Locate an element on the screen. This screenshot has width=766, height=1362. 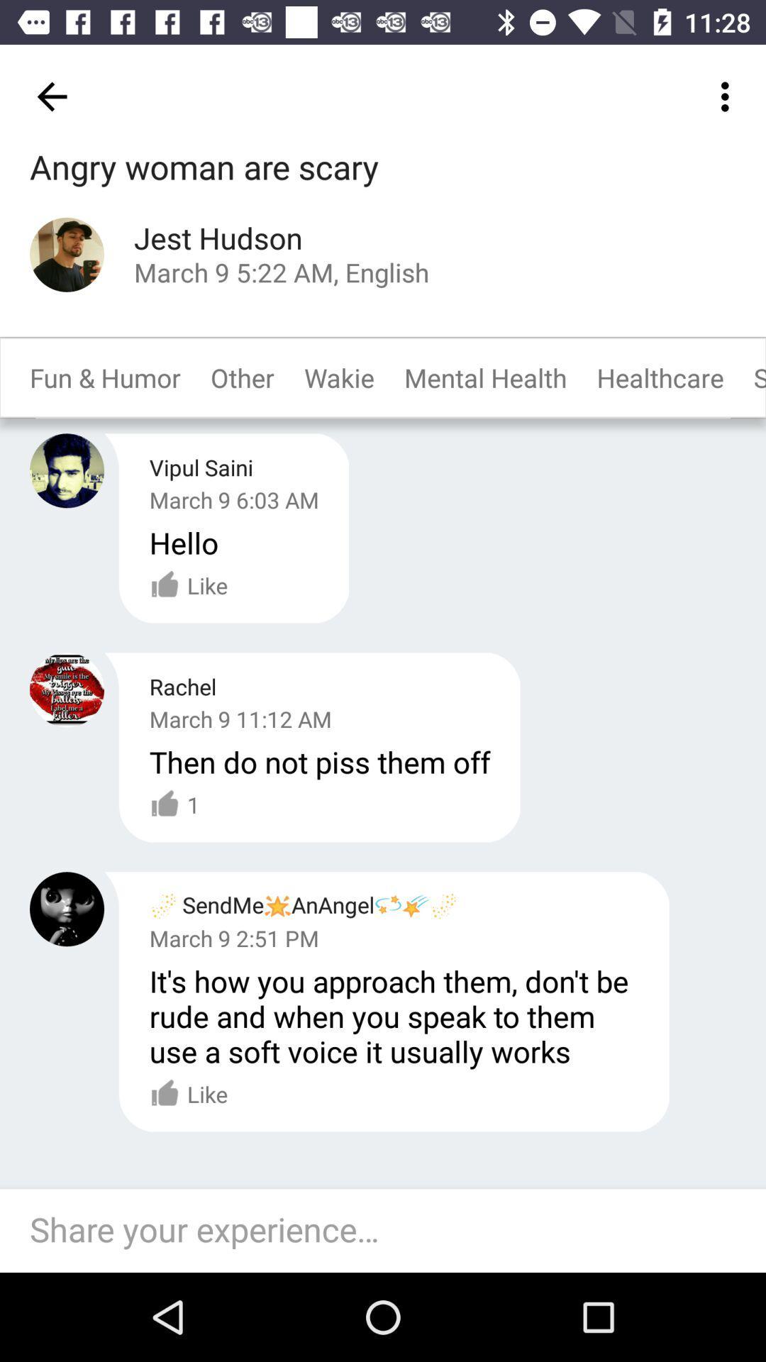
user id icon is located at coordinates (67, 255).